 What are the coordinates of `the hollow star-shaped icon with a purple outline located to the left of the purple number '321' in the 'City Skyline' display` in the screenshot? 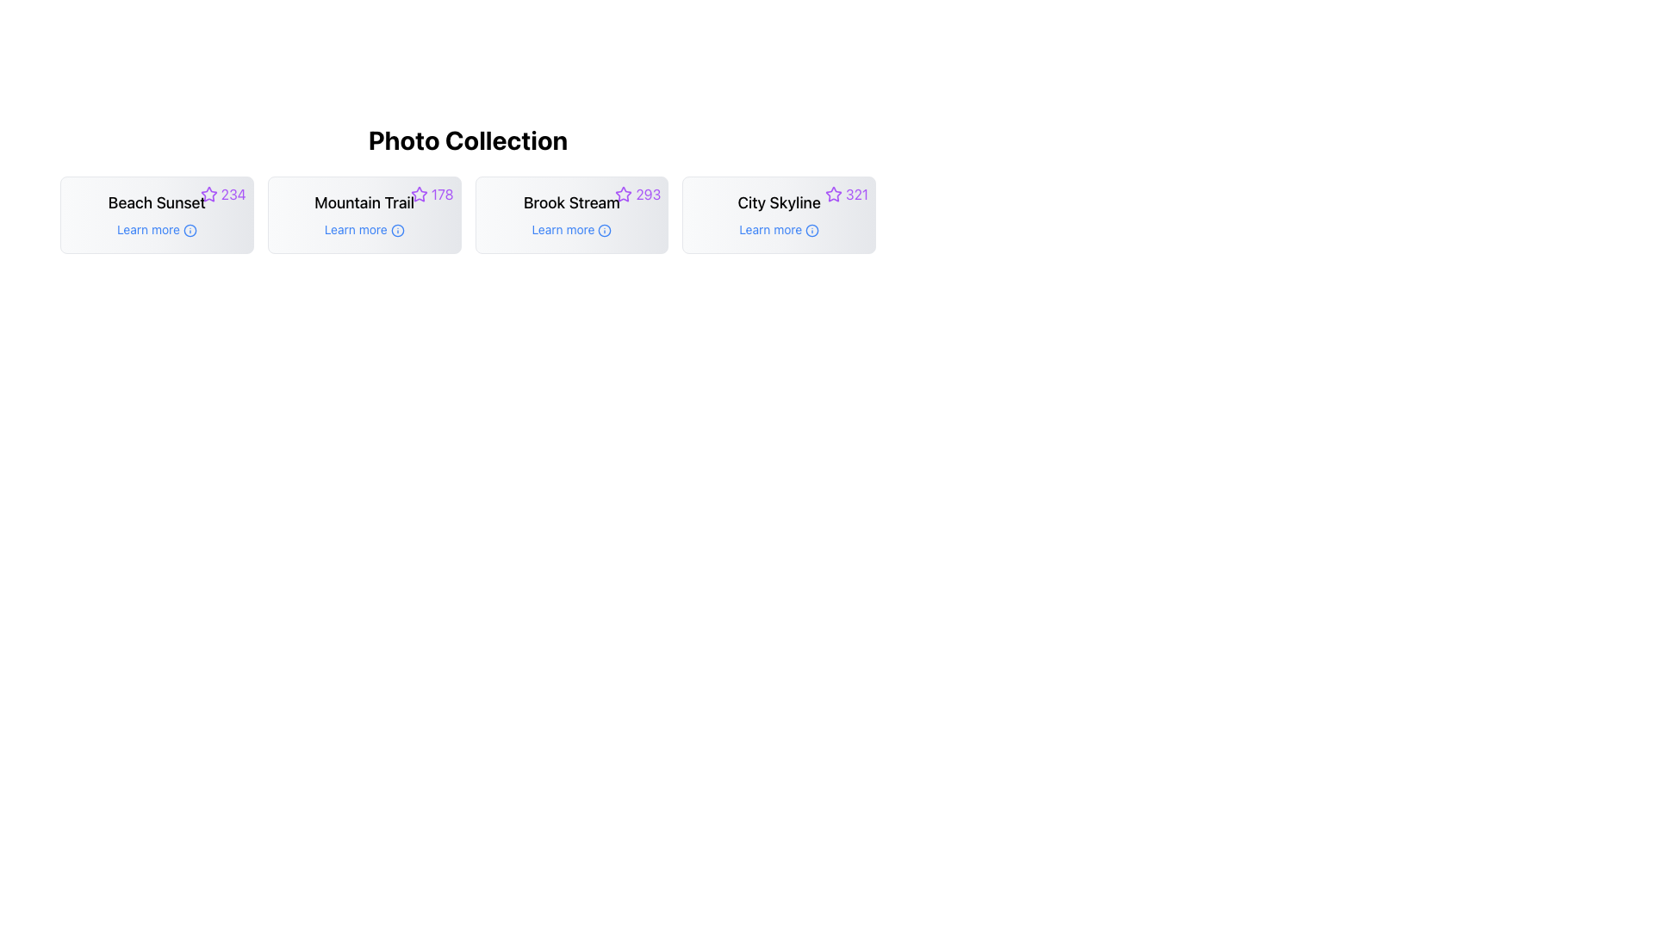 It's located at (833, 194).